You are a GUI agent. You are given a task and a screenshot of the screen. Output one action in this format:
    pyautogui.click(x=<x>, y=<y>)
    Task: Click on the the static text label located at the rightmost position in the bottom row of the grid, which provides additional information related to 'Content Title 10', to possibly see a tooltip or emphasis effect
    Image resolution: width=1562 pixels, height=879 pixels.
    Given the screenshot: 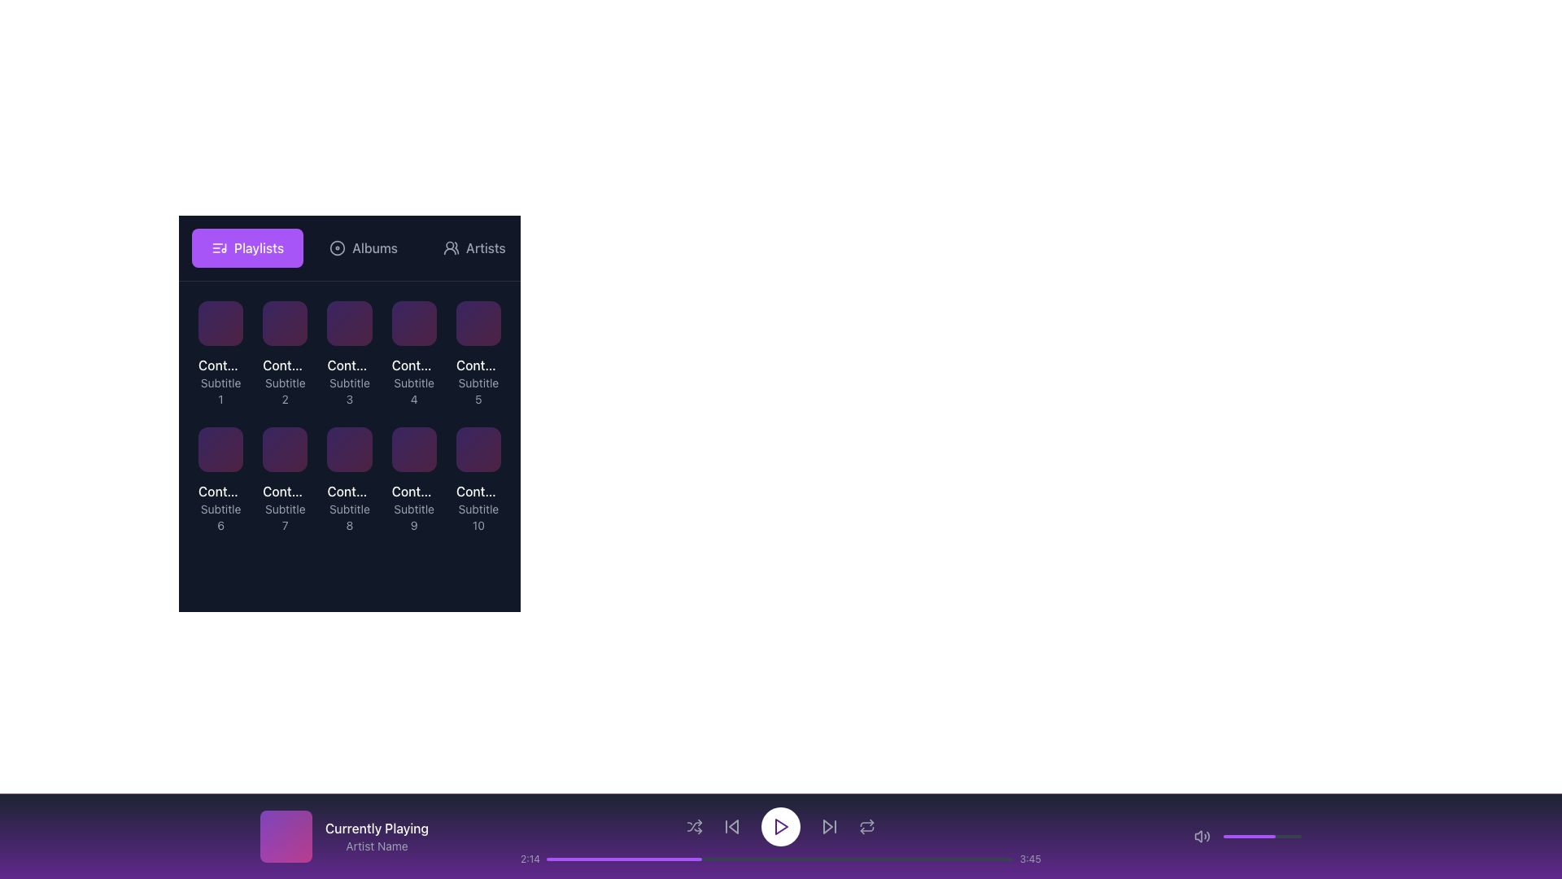 What is the action you would take?
    pyautogui.click(x=478, y=518)
    